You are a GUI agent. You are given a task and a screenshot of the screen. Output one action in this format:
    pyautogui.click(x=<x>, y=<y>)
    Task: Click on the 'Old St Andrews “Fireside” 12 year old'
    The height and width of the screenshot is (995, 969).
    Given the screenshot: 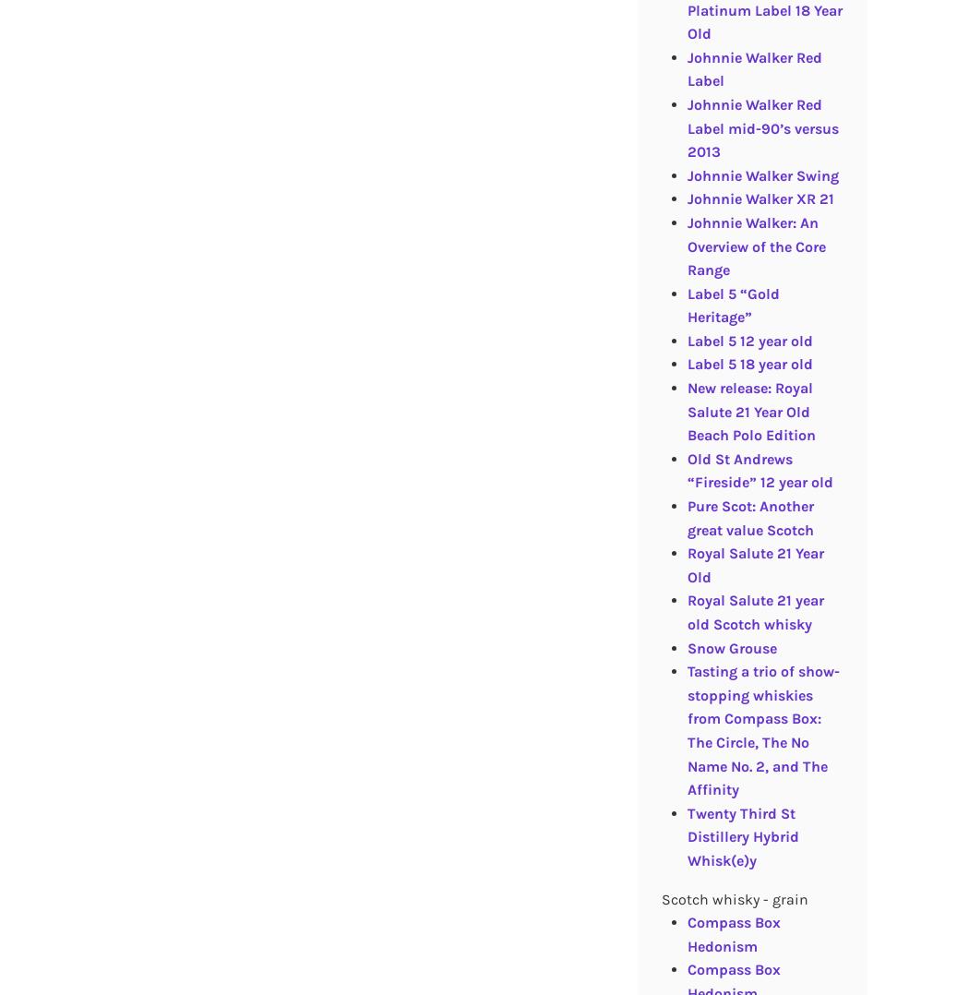 What is the action you would take?
    pyautogui.click(x=758, y=470)
    